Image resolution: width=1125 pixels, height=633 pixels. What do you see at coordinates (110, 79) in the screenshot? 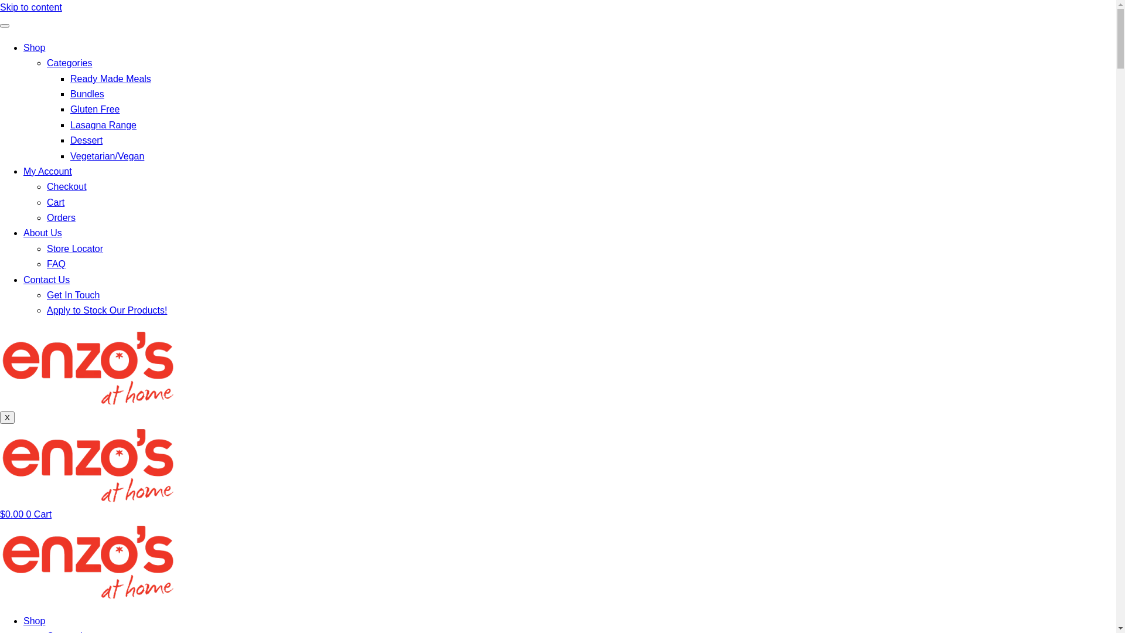
I see `'Ready Made Meals'` at bounding box center [110, 79].